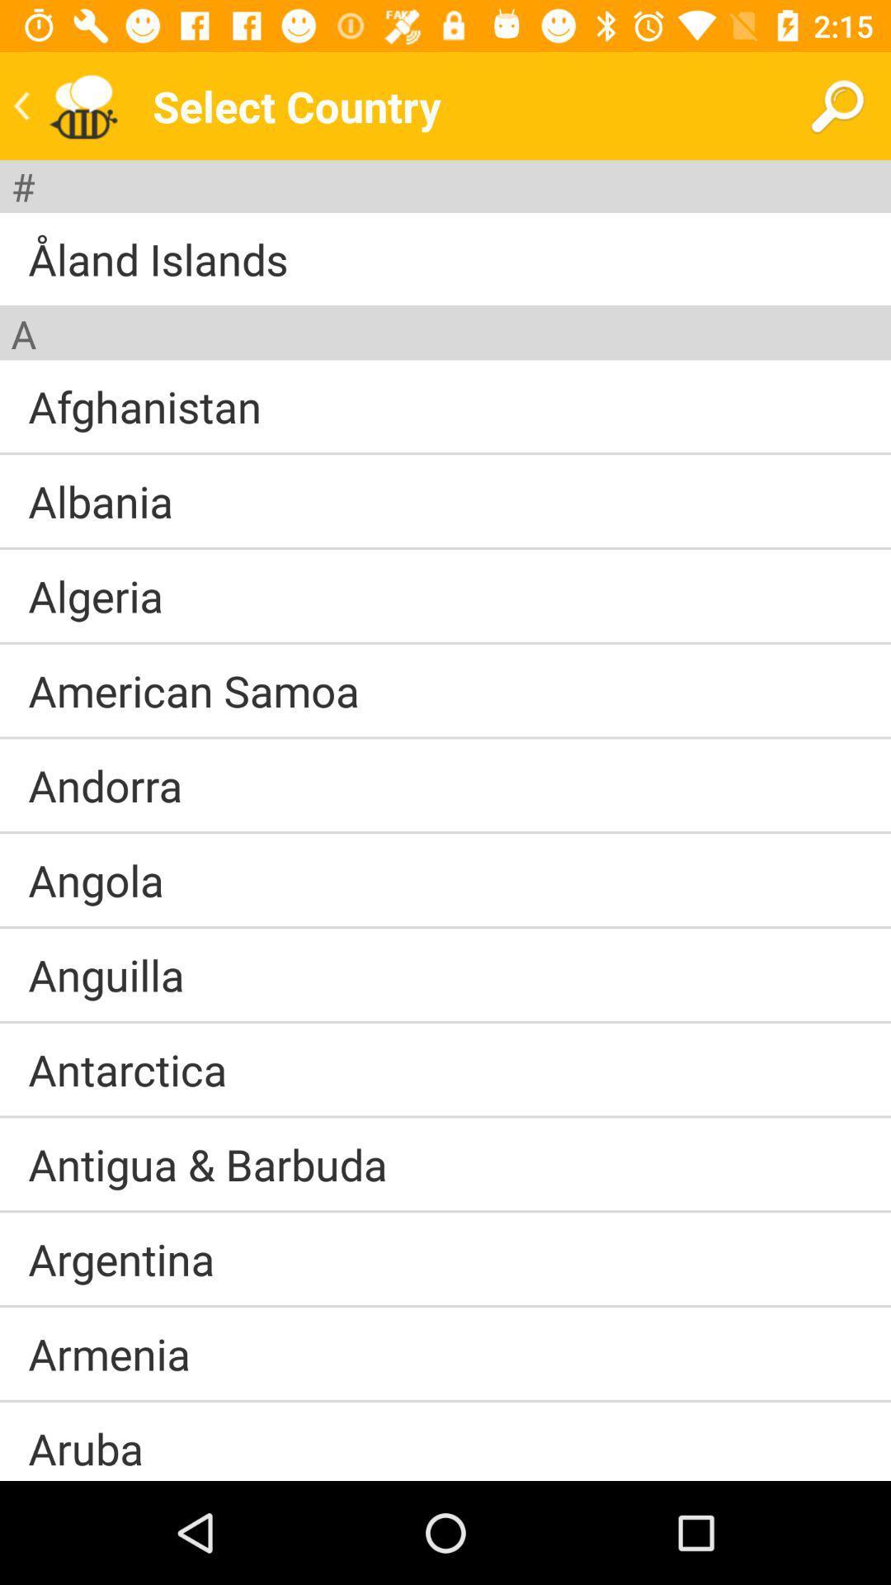 This screenshot has height=1585, width=891. I want to click on afghanistan, so click(144, 406).